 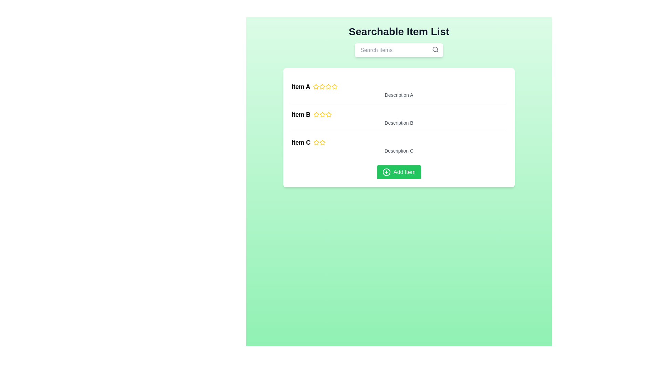 I want to click on the static text label that provides a description related to 'Item C', located below the 'Item C' label and rating stars, so click(x=399, y=151).